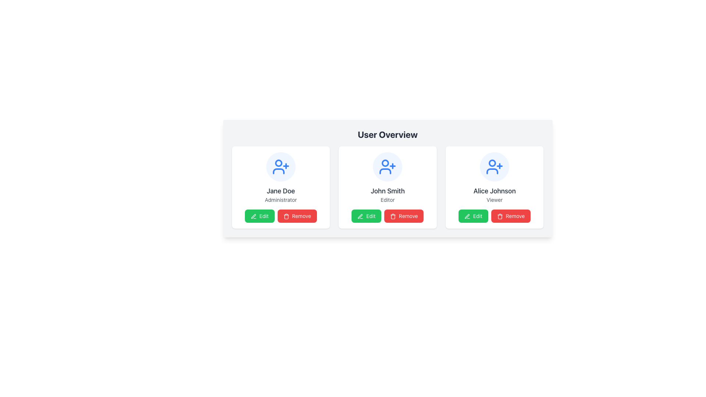  Describe the element at coordinates (467, 215) in the screenshot. I see `the 'Edit' button associated with the user profile of 'Alice Johnson'` at that location.